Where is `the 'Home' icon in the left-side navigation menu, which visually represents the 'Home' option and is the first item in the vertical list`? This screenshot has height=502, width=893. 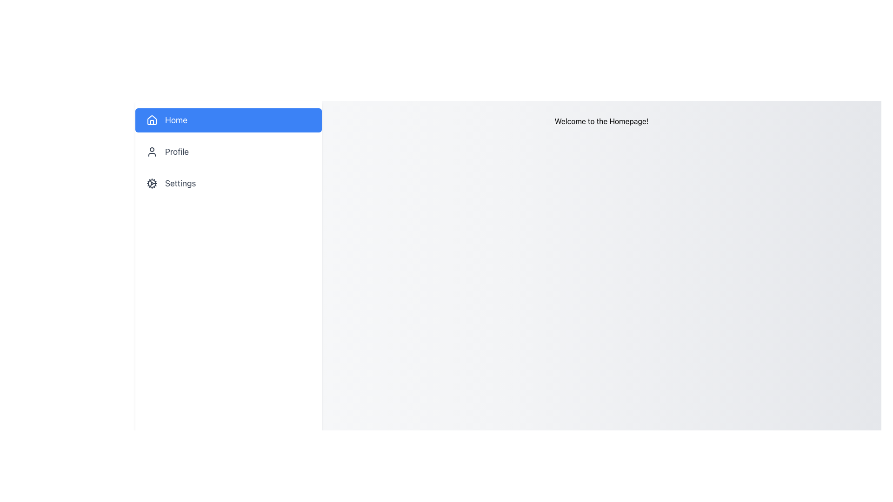
the 'Home' icon in the left-side navigation menu, which visually represents the 'Home' option and is the first item in the vertical list is located at coordinates (152, 119).